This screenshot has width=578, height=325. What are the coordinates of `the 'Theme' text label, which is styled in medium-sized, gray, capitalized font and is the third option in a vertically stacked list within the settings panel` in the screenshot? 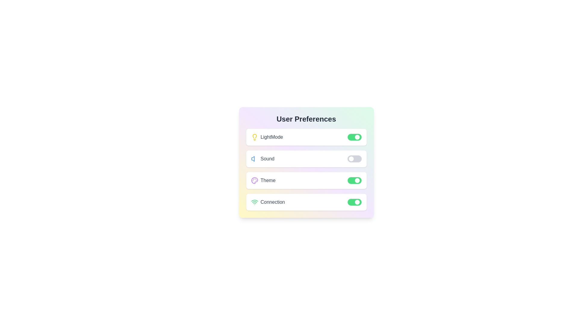 It's located at (268, 180).